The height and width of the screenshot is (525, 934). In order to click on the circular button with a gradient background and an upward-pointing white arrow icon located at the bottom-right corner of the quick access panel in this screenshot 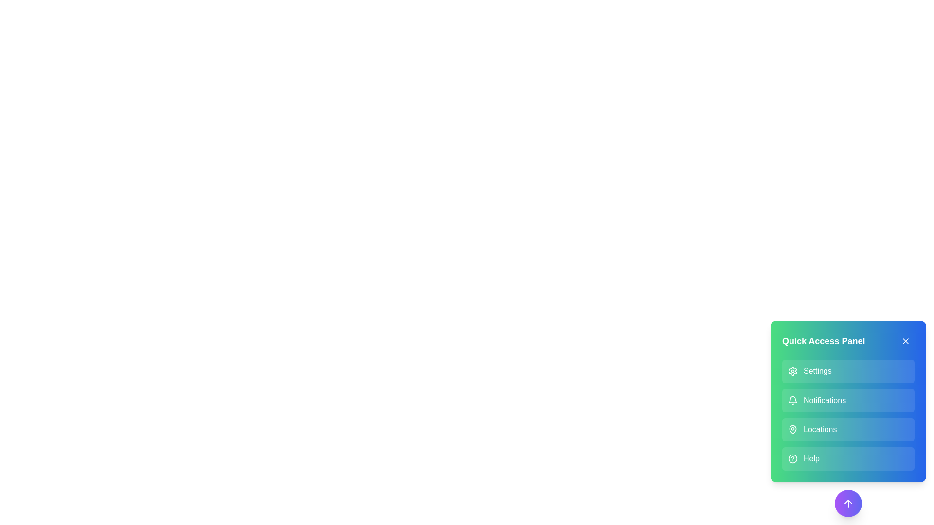, I will do `click(847, 503)`.